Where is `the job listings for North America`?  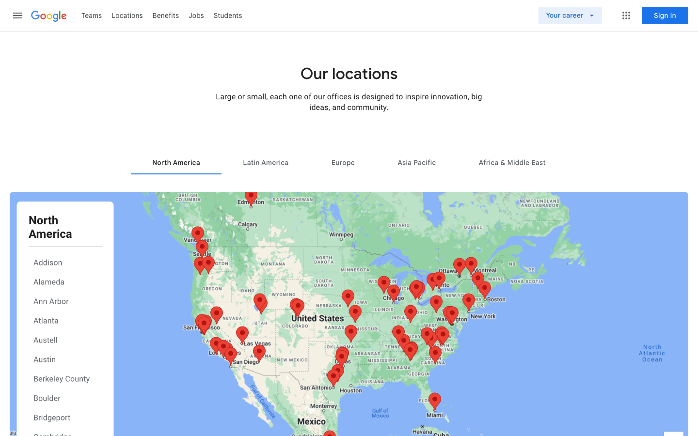 the job listings for North America is located at coordinates (175, 162).